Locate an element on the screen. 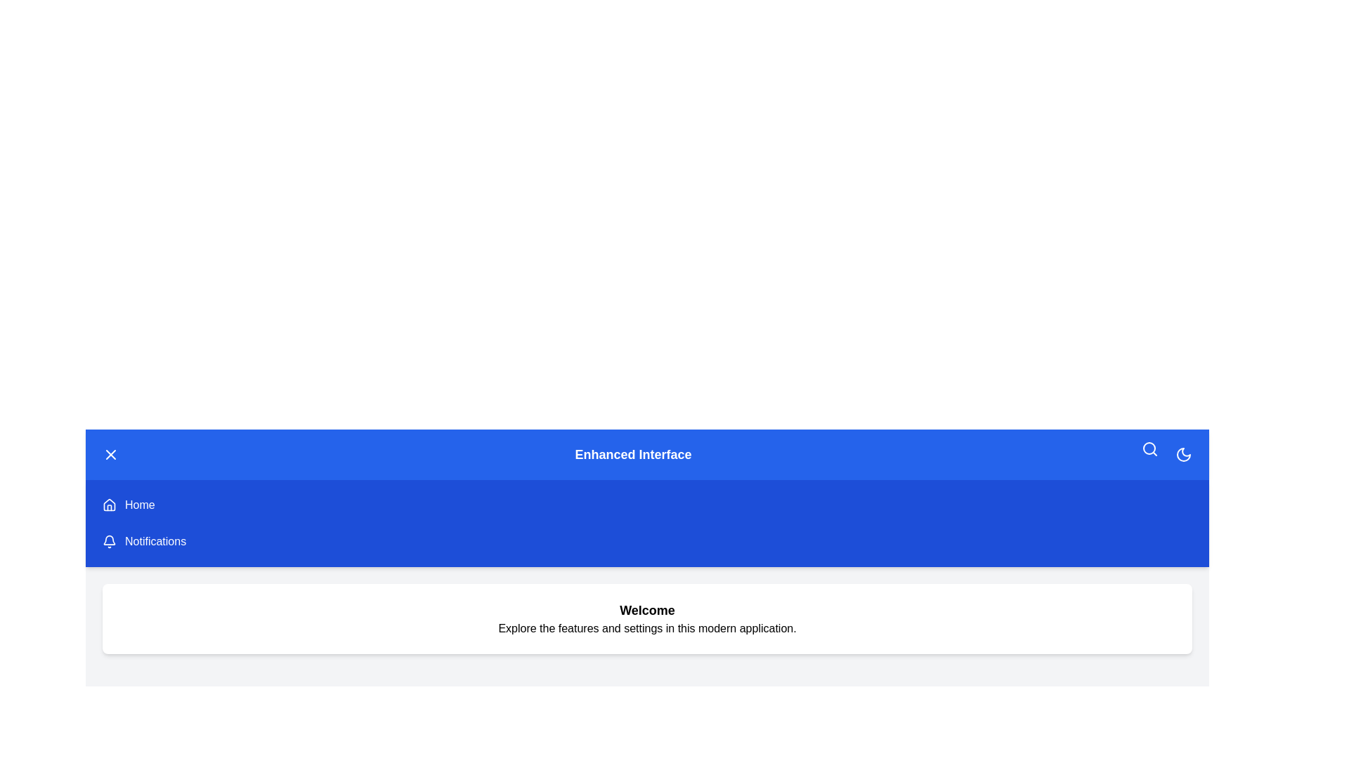 This screenshot has height=758, width=1349. the 'Notifications' menu item to navigate to the Notifications page is located at coordinates (155, 540).